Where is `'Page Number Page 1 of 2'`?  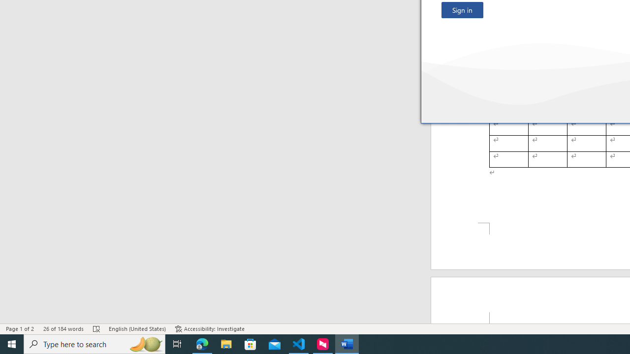 'Page Number Page 1 of 2' is located at coordinates (20, 329).